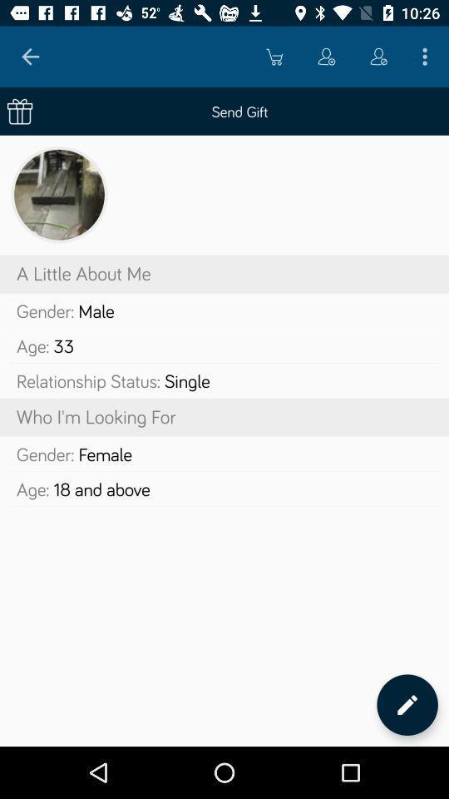 The height and width of the screenshot is (799, 449). Describe the element at coordinates (407, 704) in the screenshot. I see `edit profile` at that location.